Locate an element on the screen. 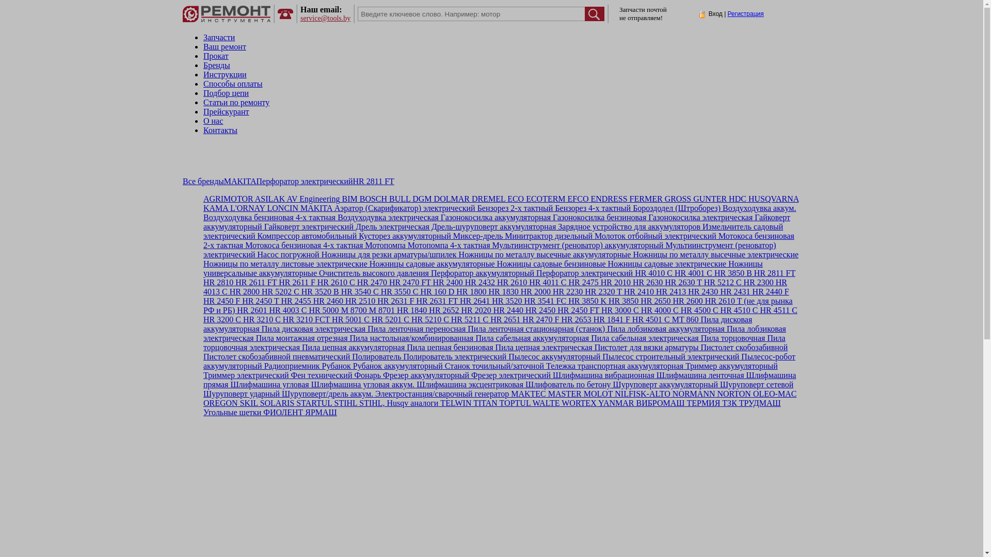 Image resolution: width=991 pixels, height=557 pixels. 'BULL' is located at coordinates (386, 199).